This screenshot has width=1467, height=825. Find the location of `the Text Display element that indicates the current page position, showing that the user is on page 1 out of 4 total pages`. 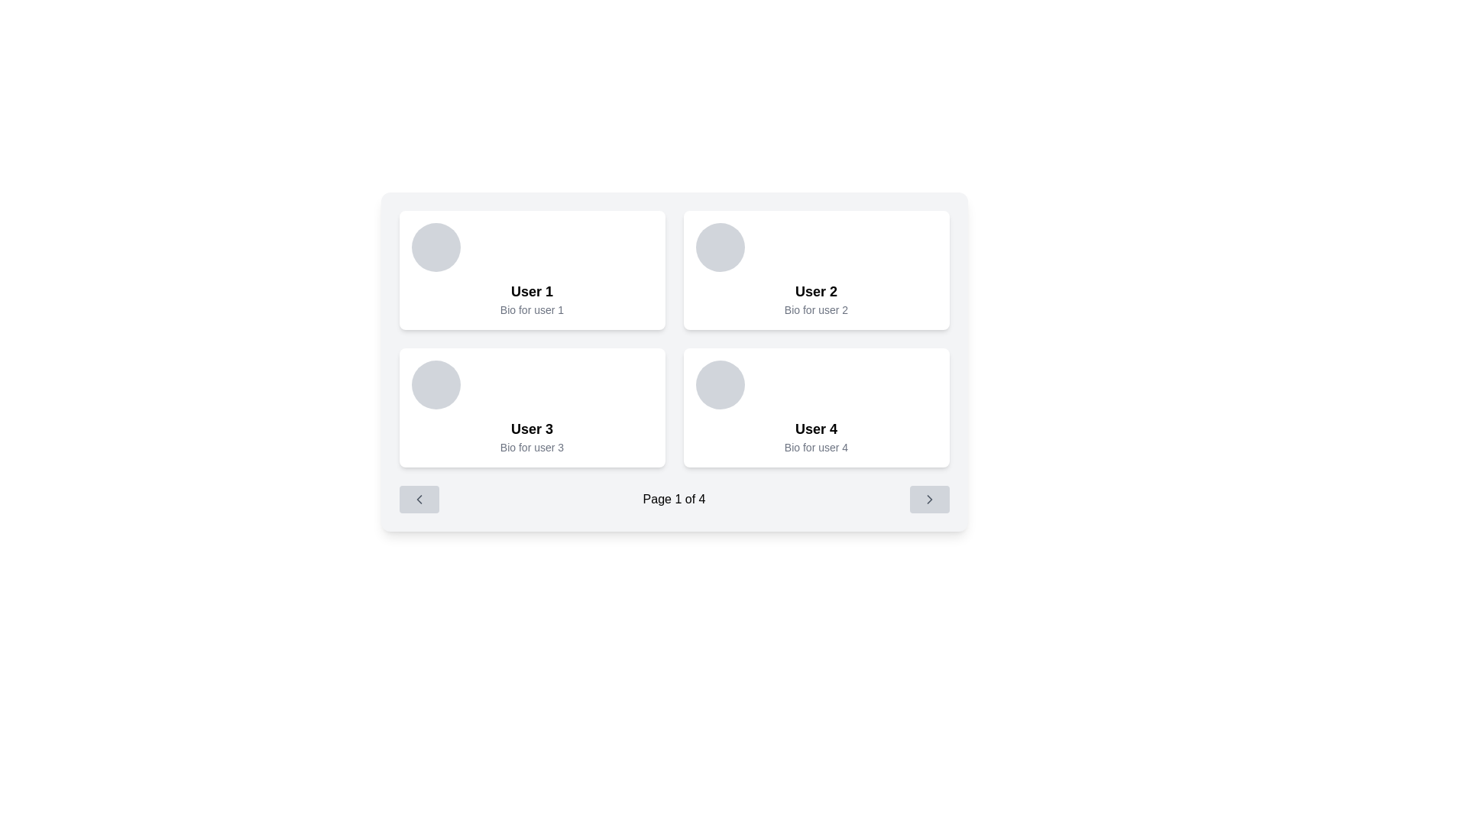

the Text Display element that indicates the current page position, showing that the user is on page 1 out of 4 total pages is located at coordinates (673, 500).